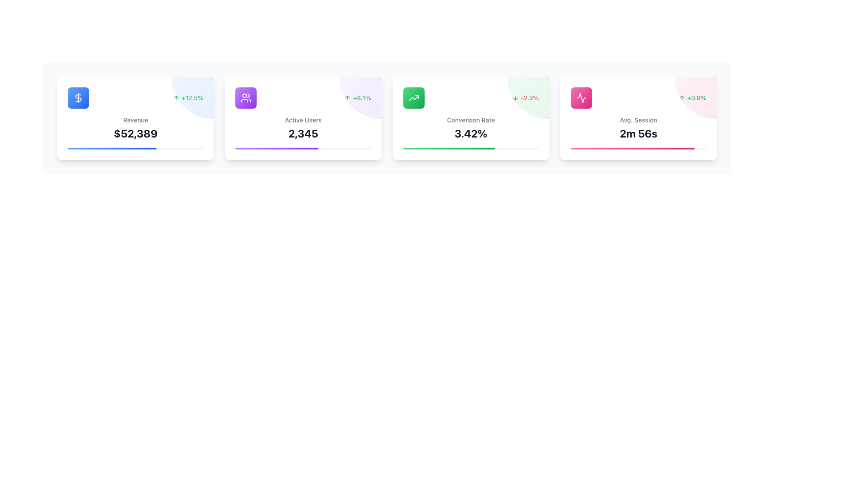  Describe the element at coordinates (638, 120) in the screenshot. I see `the Text Label identifying the average session duration metric, located in the fourth card of the performance metrics grid` at that location.